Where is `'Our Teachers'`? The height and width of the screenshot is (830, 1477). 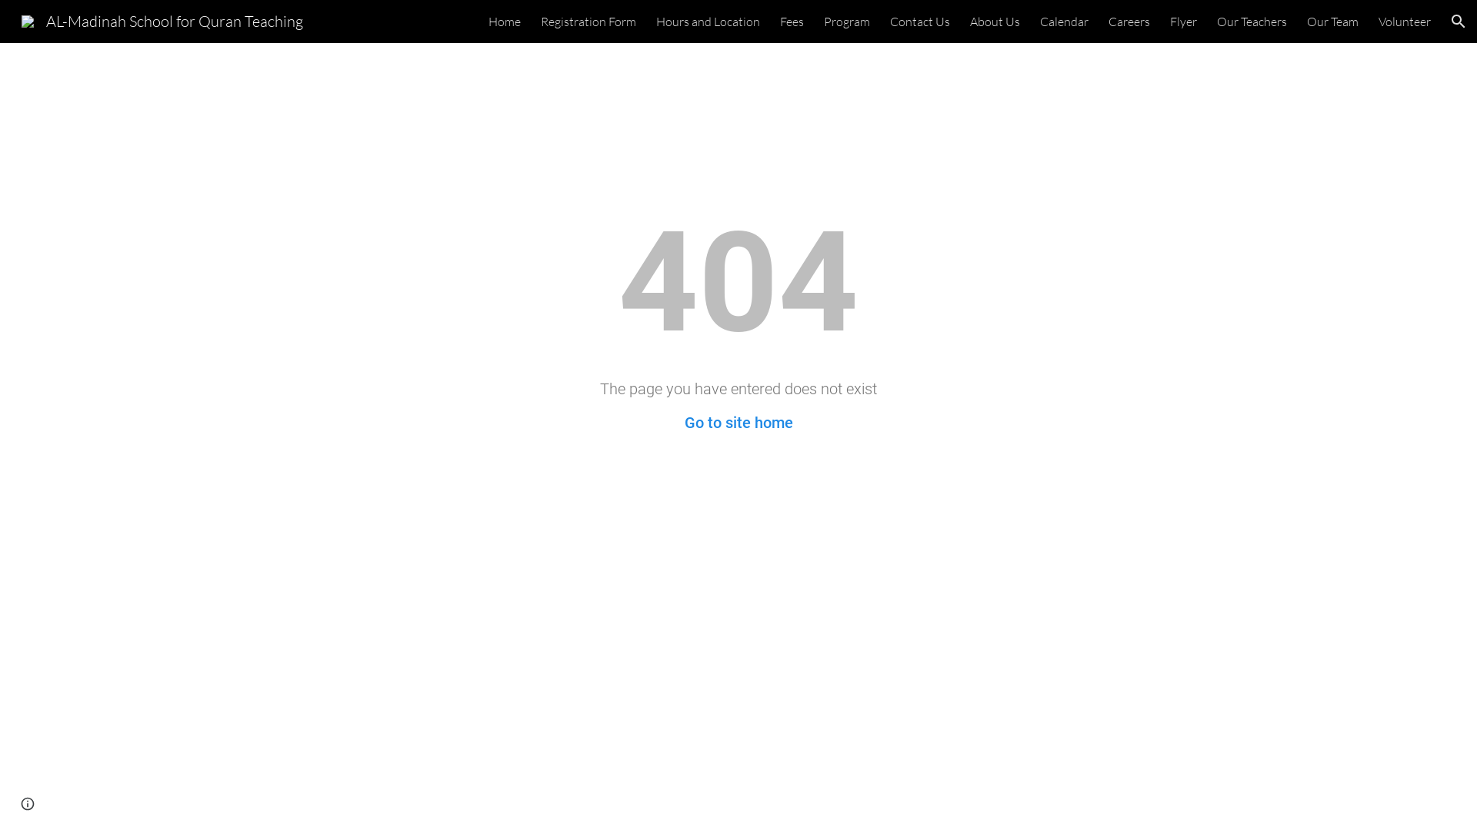 'Our Teachers' is located at coordinates (1252, 21).